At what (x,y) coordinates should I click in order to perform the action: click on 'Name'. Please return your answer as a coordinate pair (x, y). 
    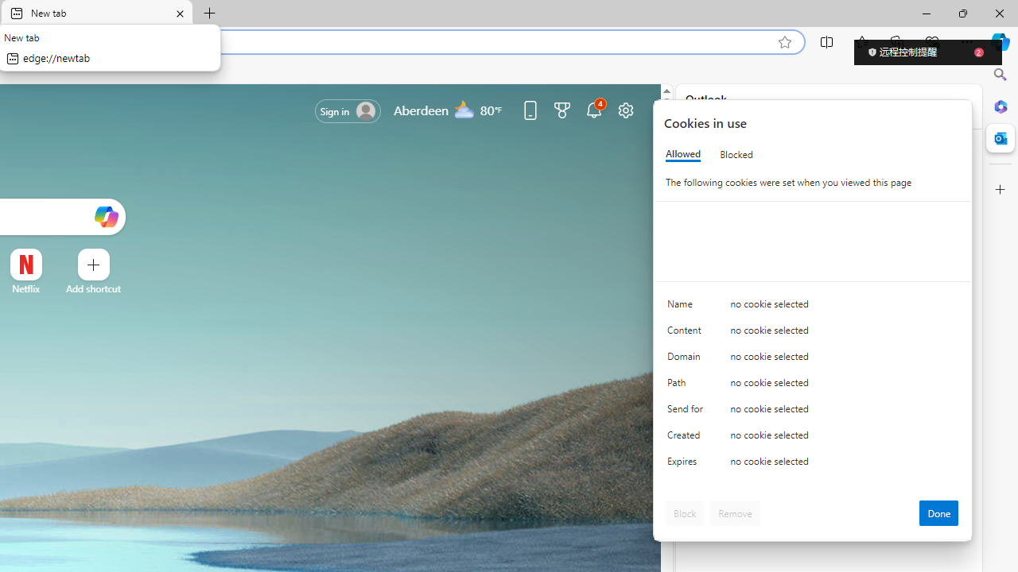
    Looking at the image, I should click on (688, 307).